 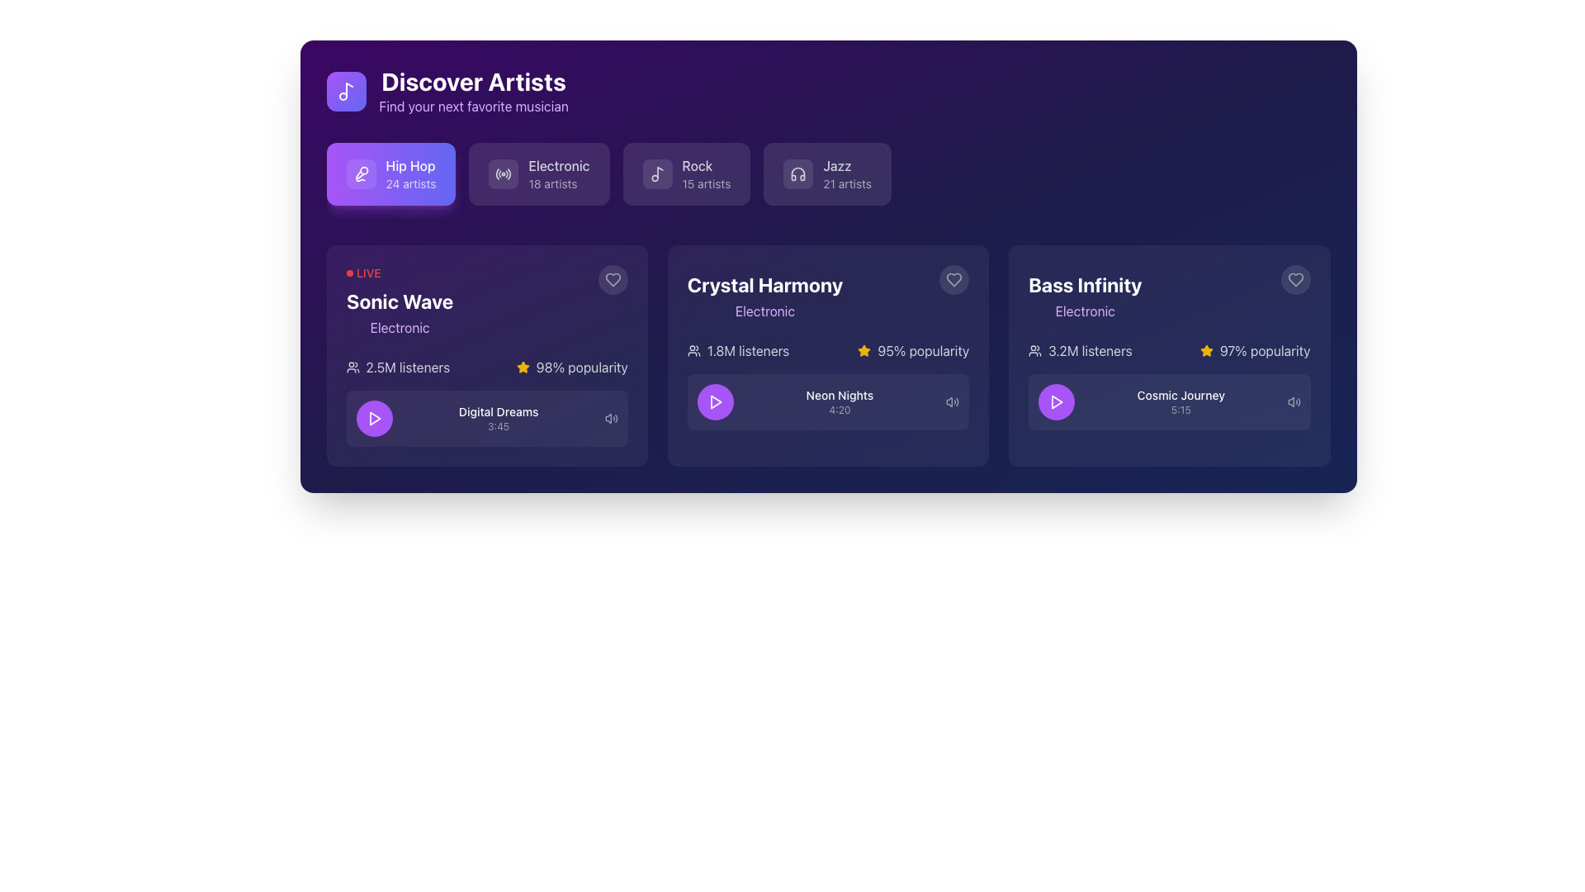 What do you see at coordinates (1255, 349) in the screenshot?
I see `the read-only label displaying '97% popularity' with a yellow star icon located within the 'Bass Infinity' card` at bounding box center [1255, 349].